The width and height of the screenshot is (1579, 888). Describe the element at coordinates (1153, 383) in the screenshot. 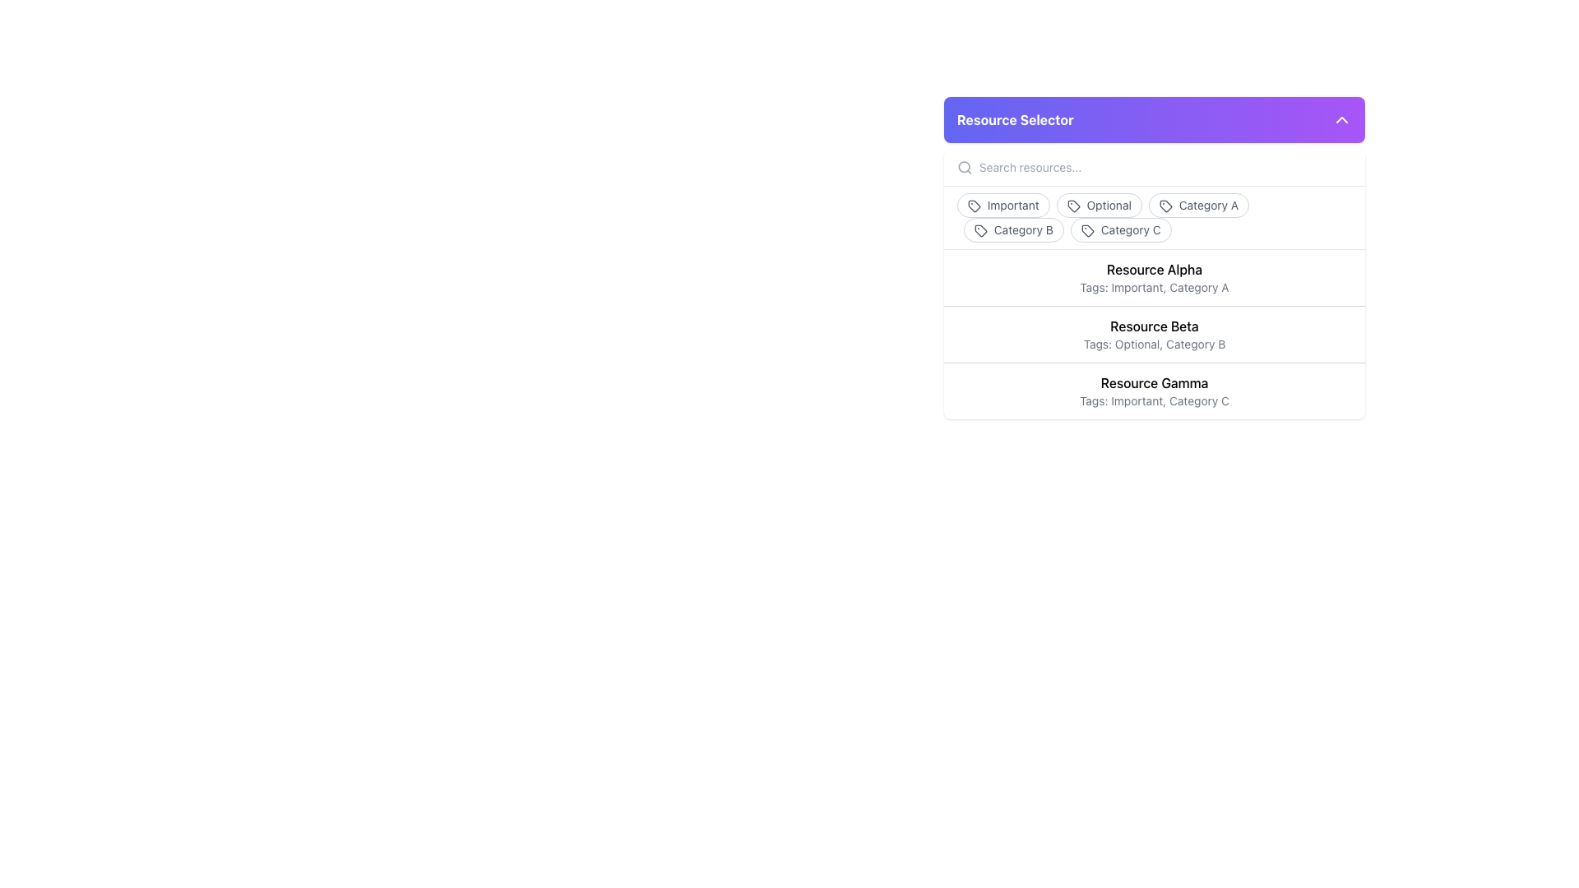

I see `the Text Label titled 'Resource Gamma', which is positioned above the tags description within the resource list` at that location.